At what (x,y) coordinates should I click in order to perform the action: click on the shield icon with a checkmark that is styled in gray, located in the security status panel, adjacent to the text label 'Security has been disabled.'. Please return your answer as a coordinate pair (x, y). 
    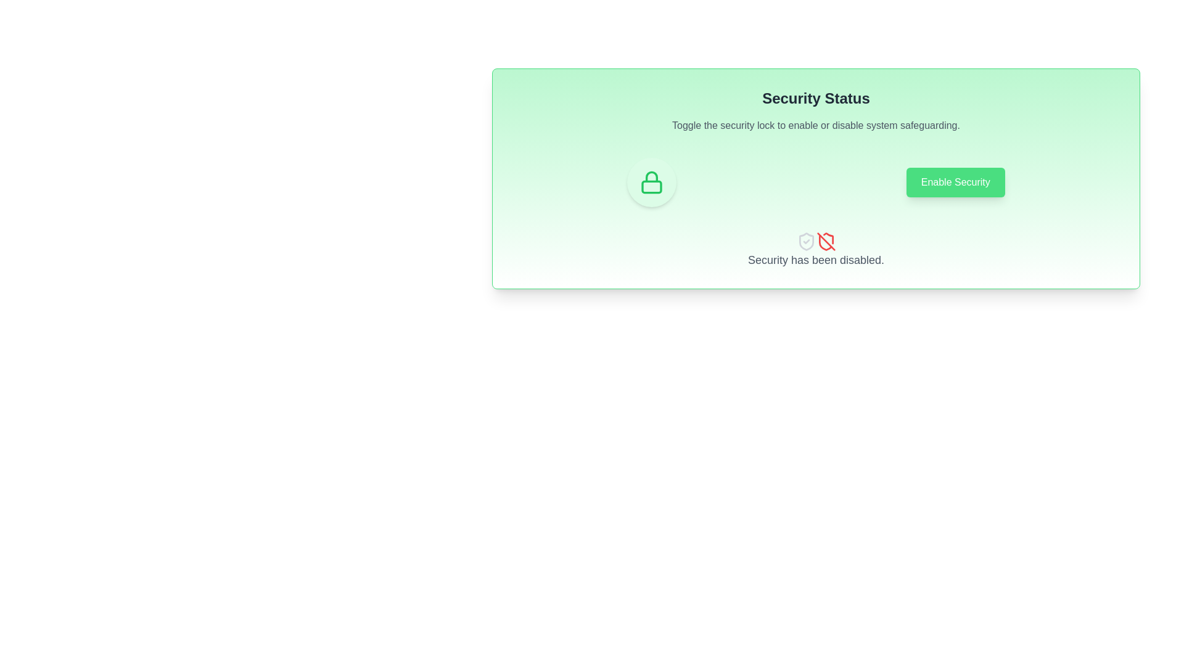
    Looking at the image, I should click on (806, 242).